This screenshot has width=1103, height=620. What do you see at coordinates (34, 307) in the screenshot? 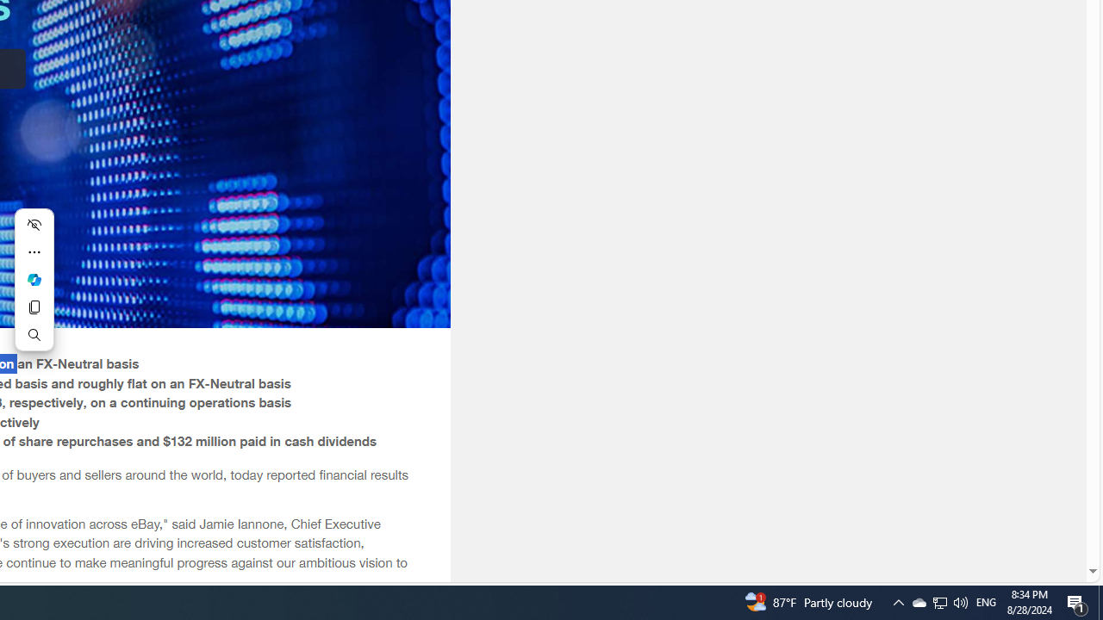
I see `'Copy'` at bounding box center [34, 307].